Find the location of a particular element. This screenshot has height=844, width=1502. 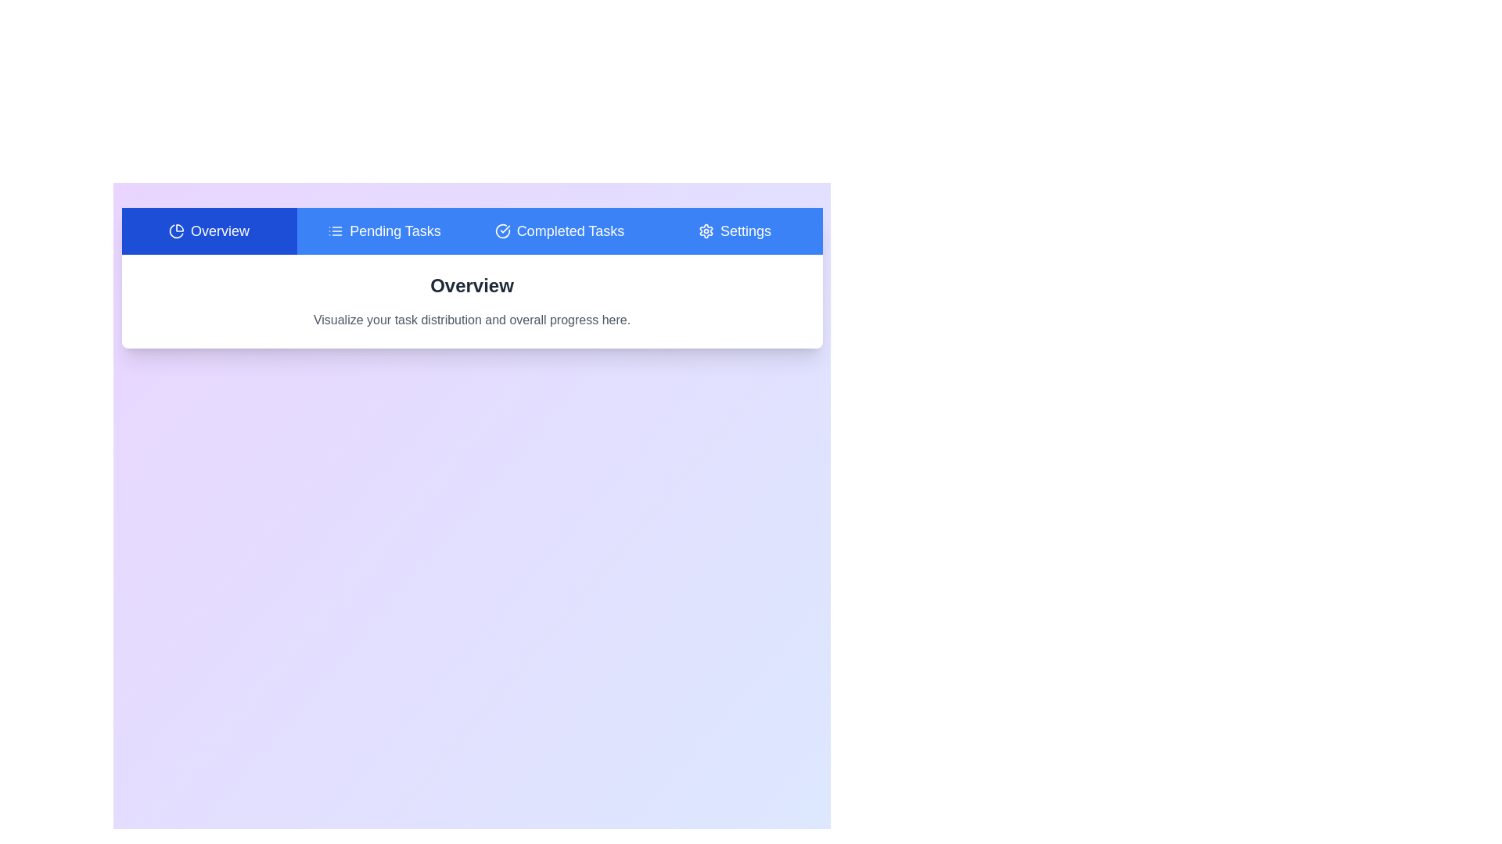

the tab labeled Settings to observe its hover effect is located at coordinates (734, 231).